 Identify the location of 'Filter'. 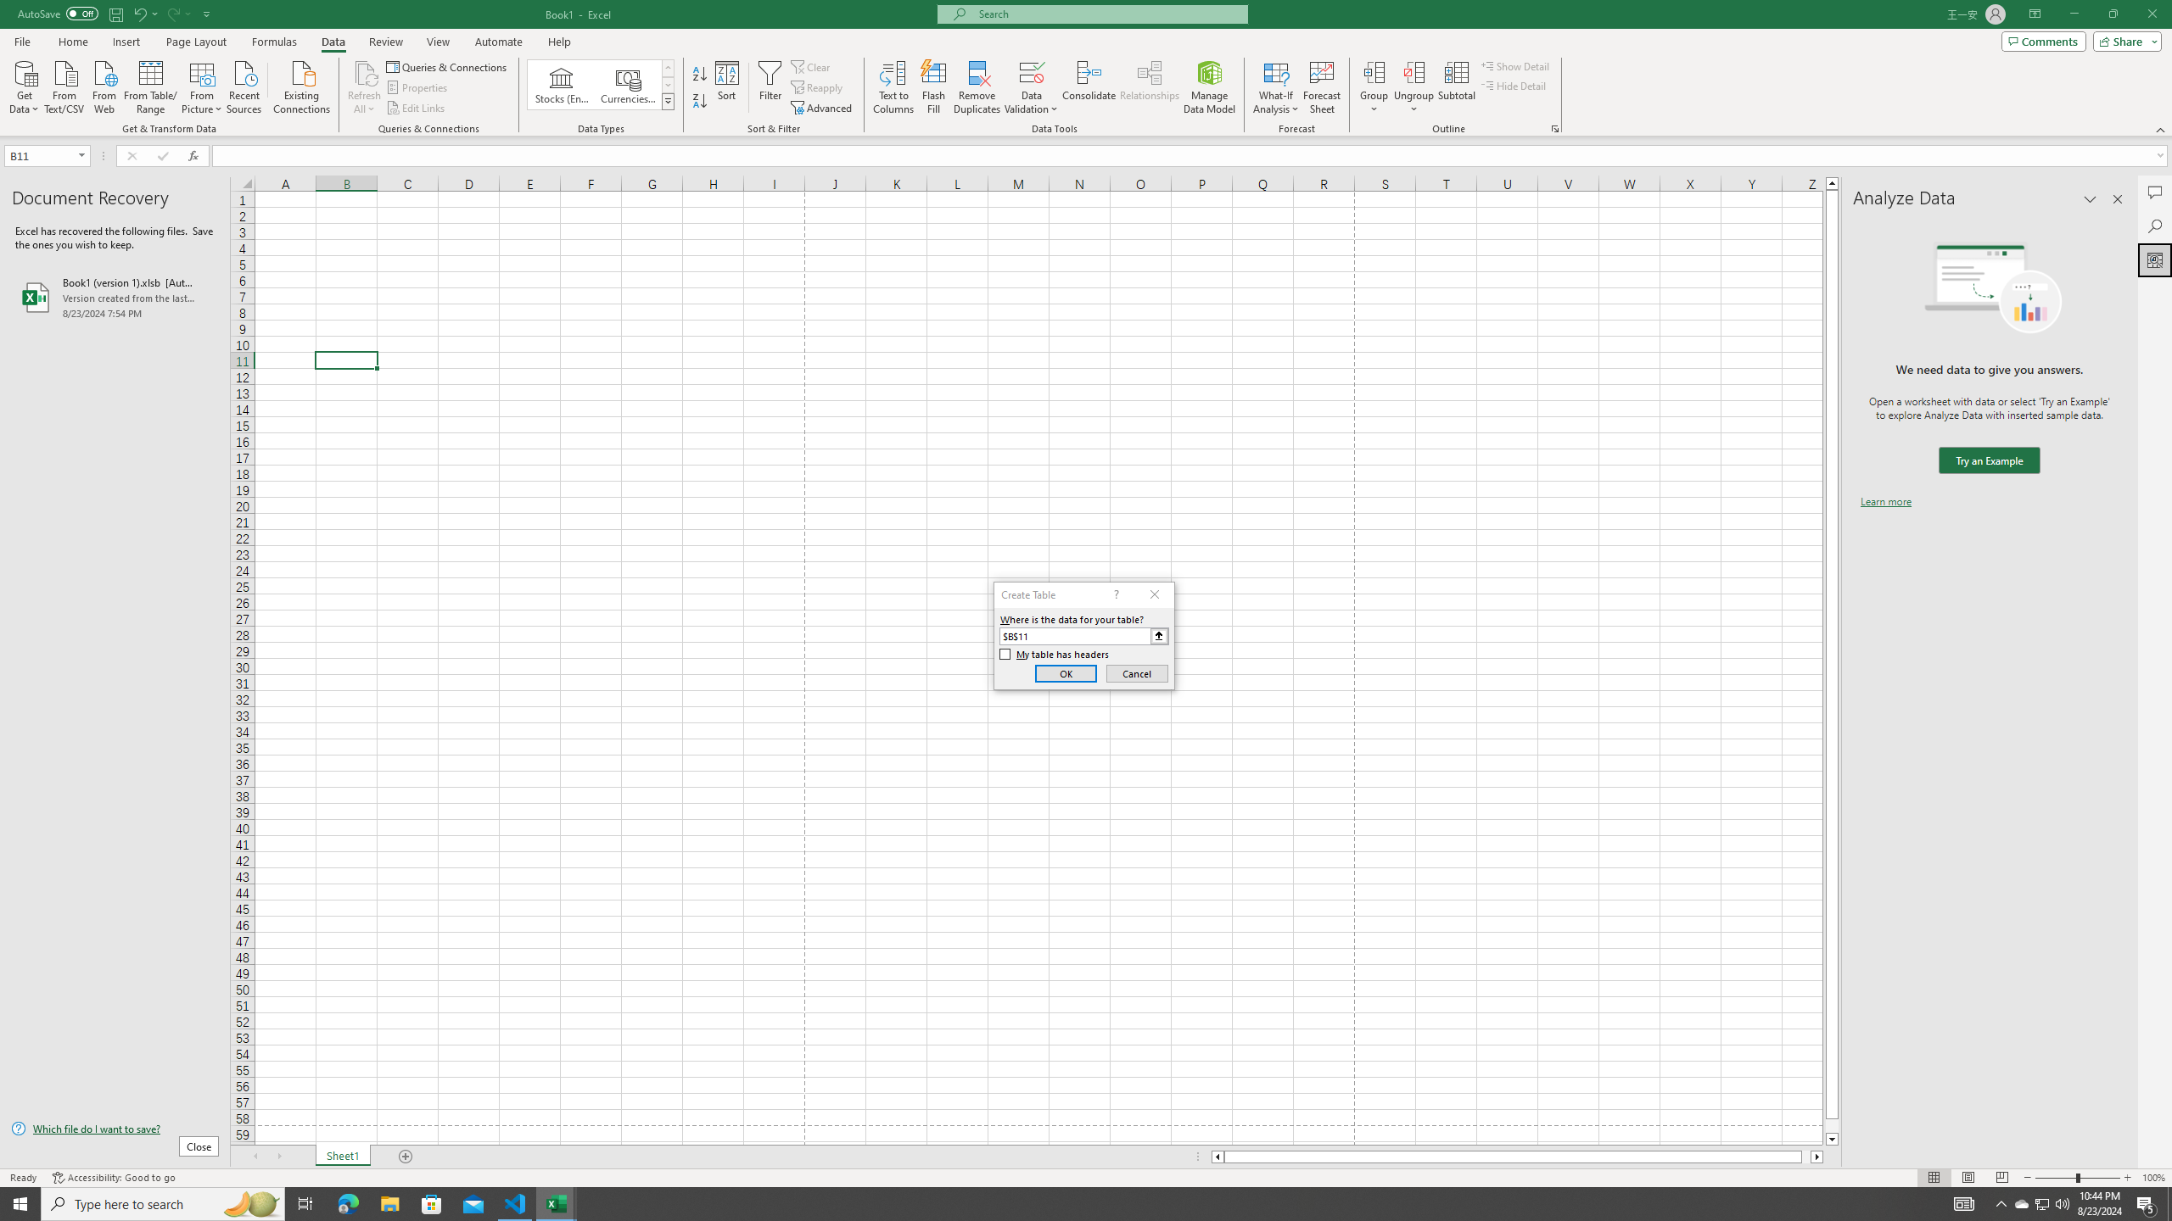
(769, 87).